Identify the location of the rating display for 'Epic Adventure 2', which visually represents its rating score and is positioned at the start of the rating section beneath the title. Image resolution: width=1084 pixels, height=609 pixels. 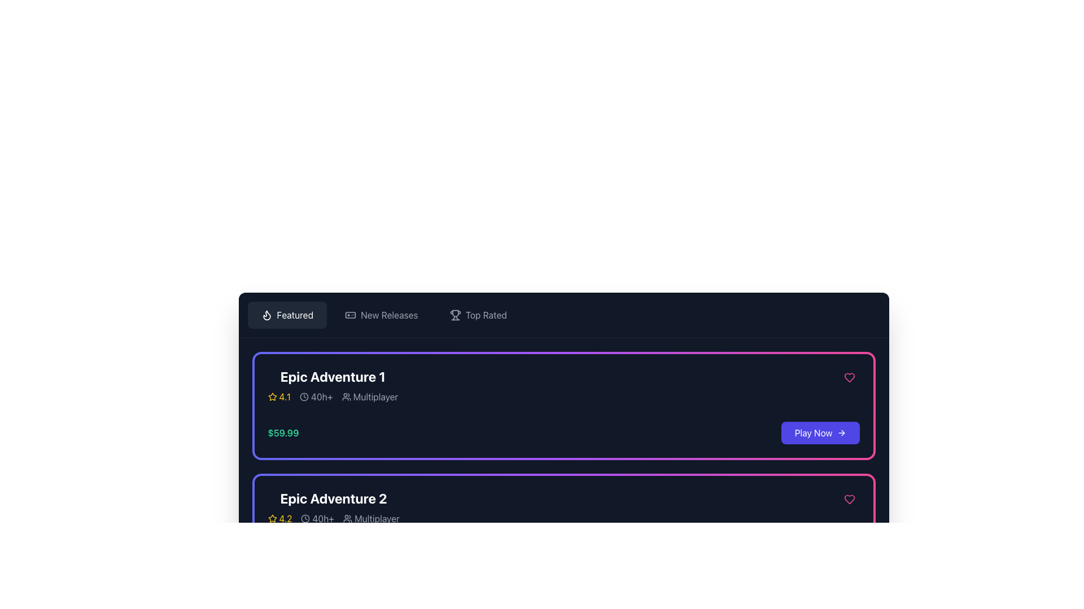
(279, 519).